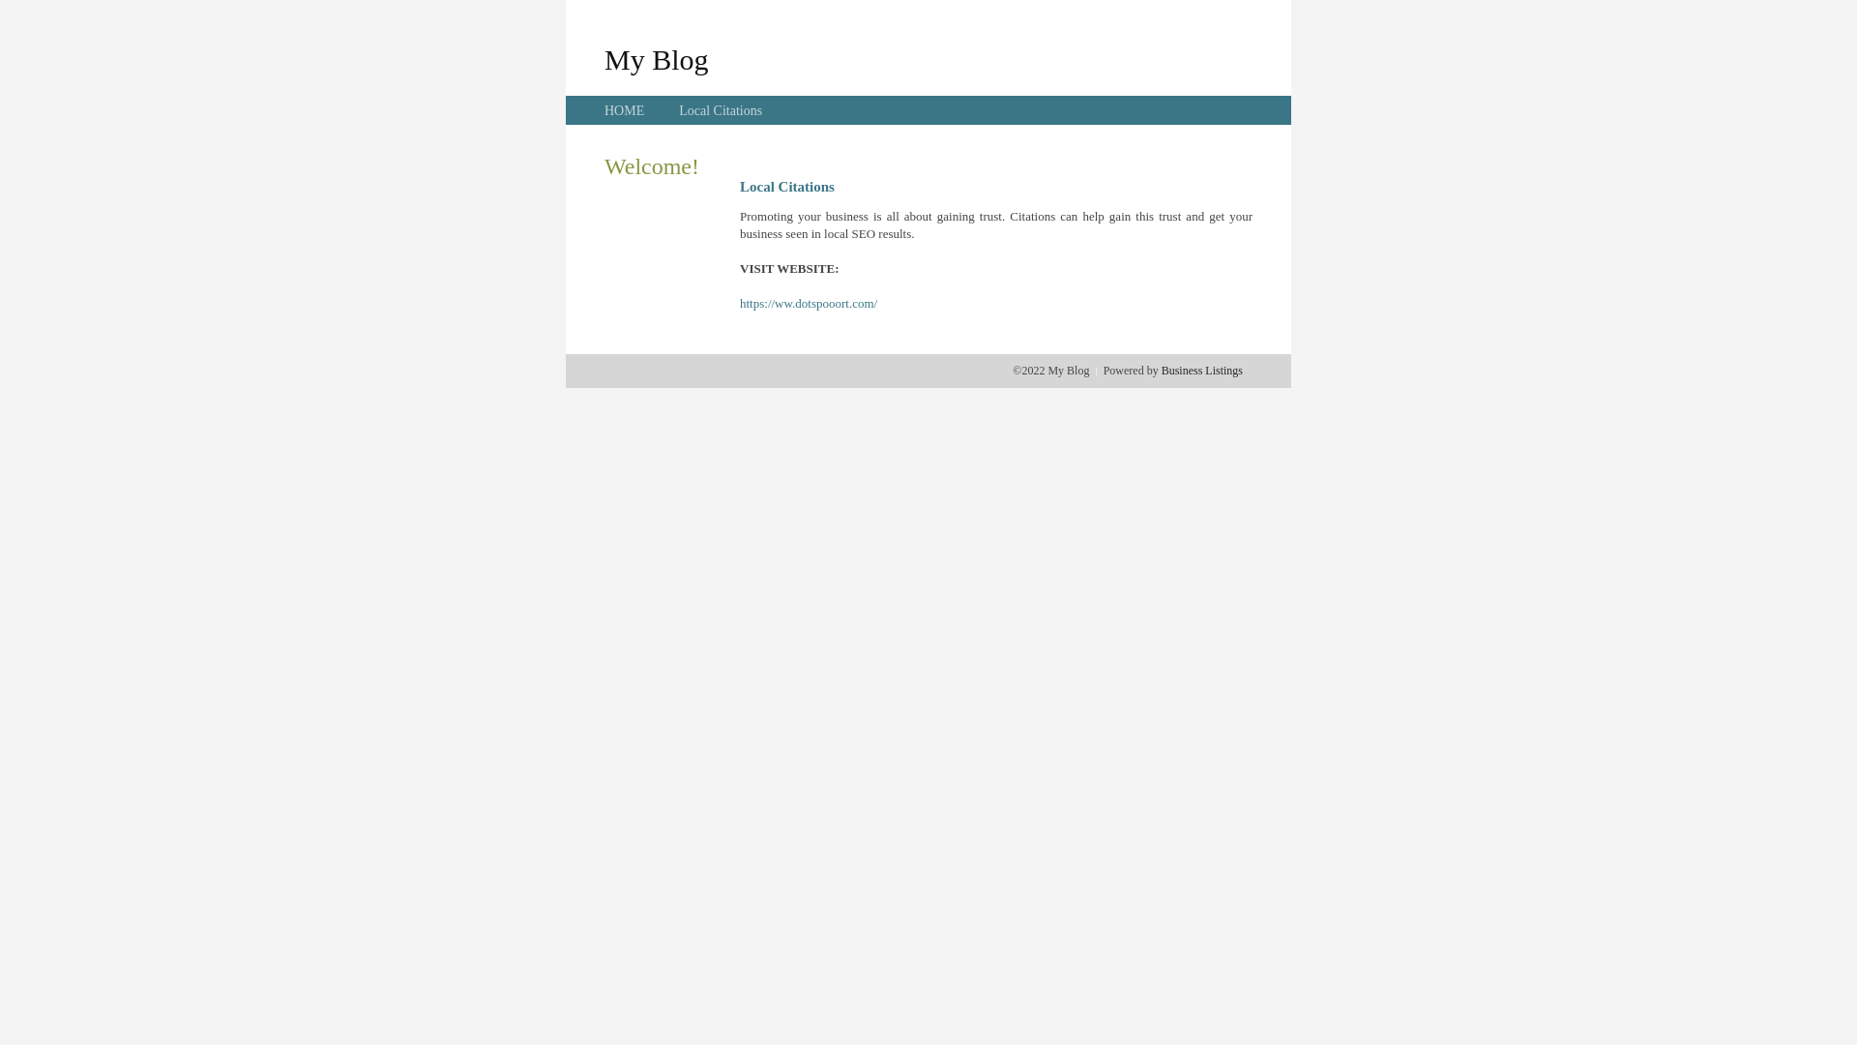 The image size is (1857, 1045). I want to click on 'Local Citations', so click(678, 110).